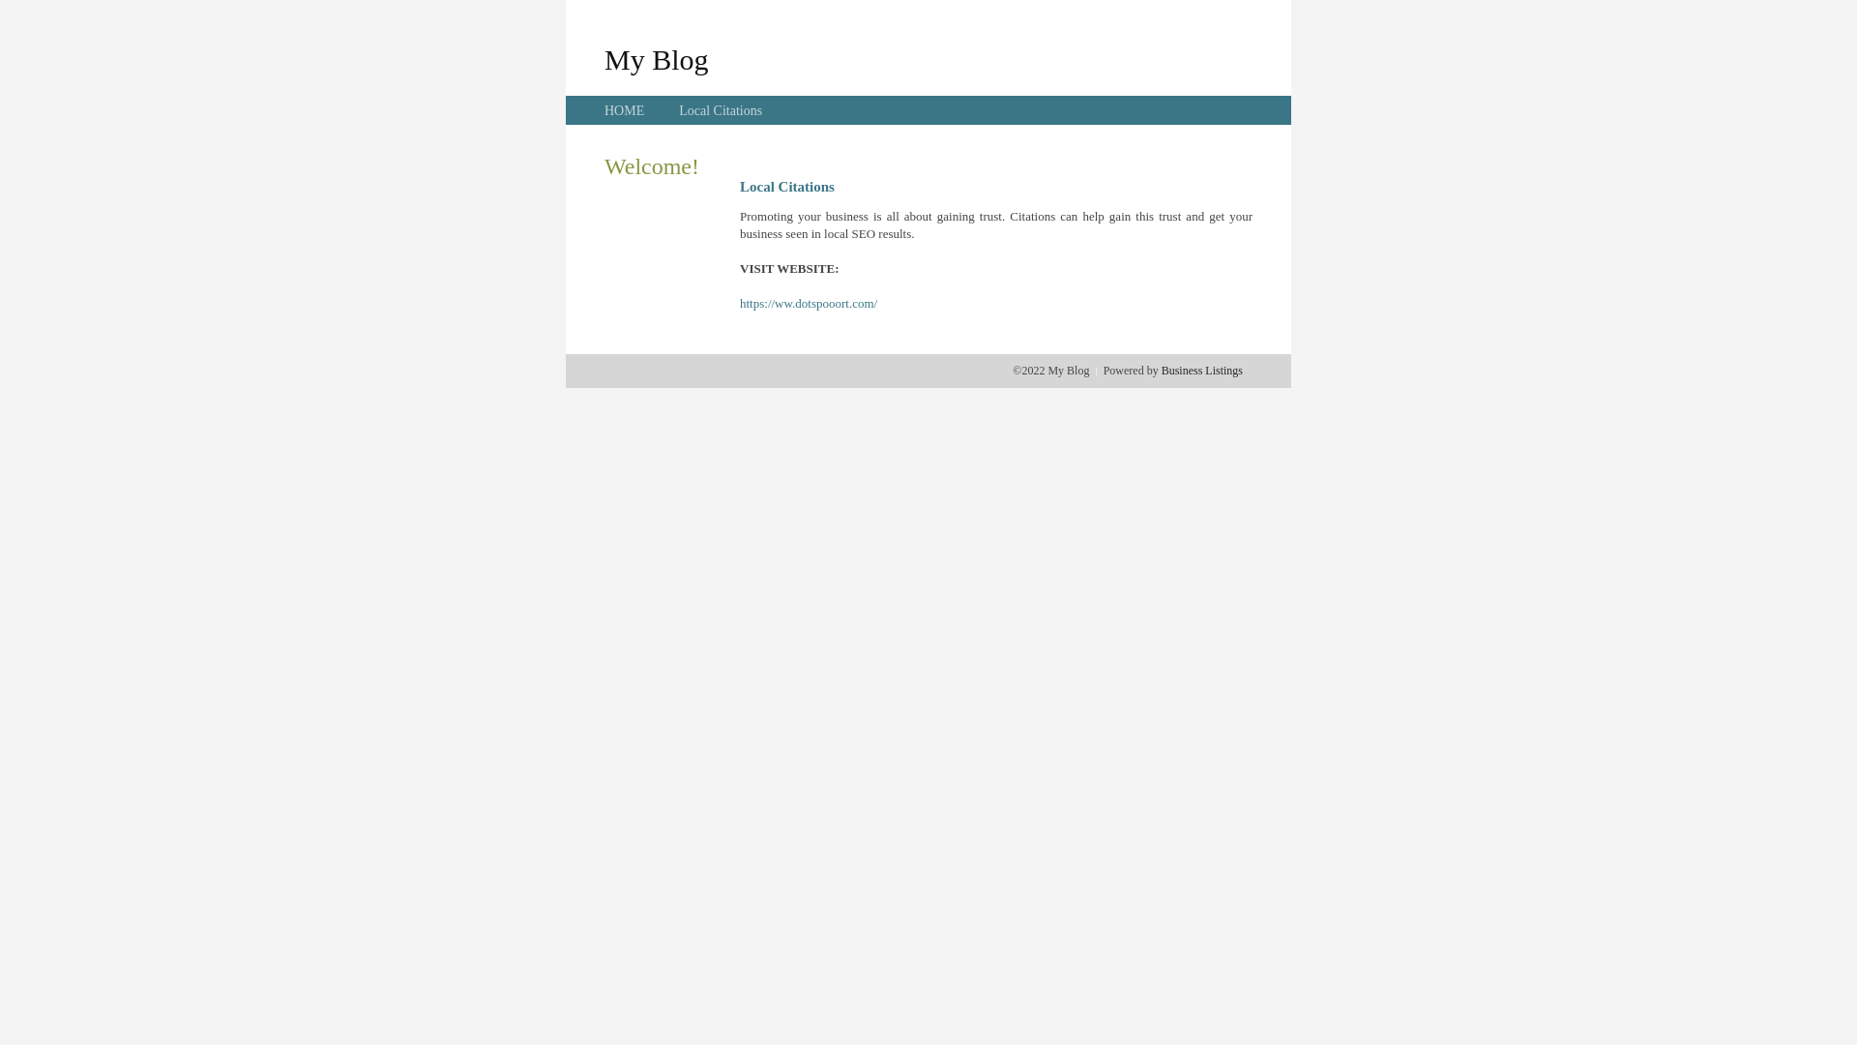 The image size is (1857, 1045). I want to click on 'Local Citations', so click(678, 110).